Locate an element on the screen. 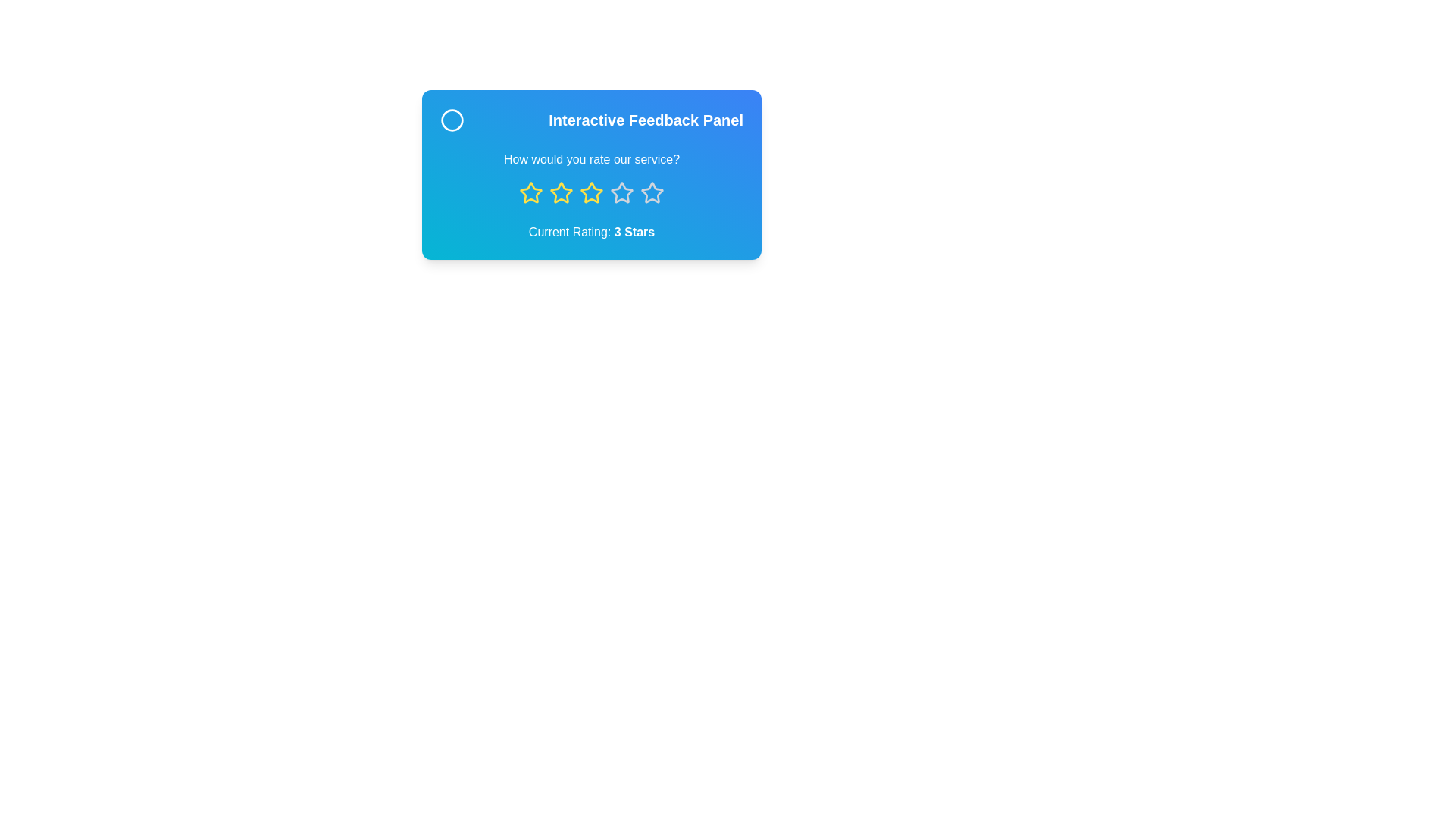 The width and height of the screenshot is (1455, 818). the fourth star in the row of five hollow stars in the Interactive Feedback Panel to rate it is located at coordinates (652, 192).